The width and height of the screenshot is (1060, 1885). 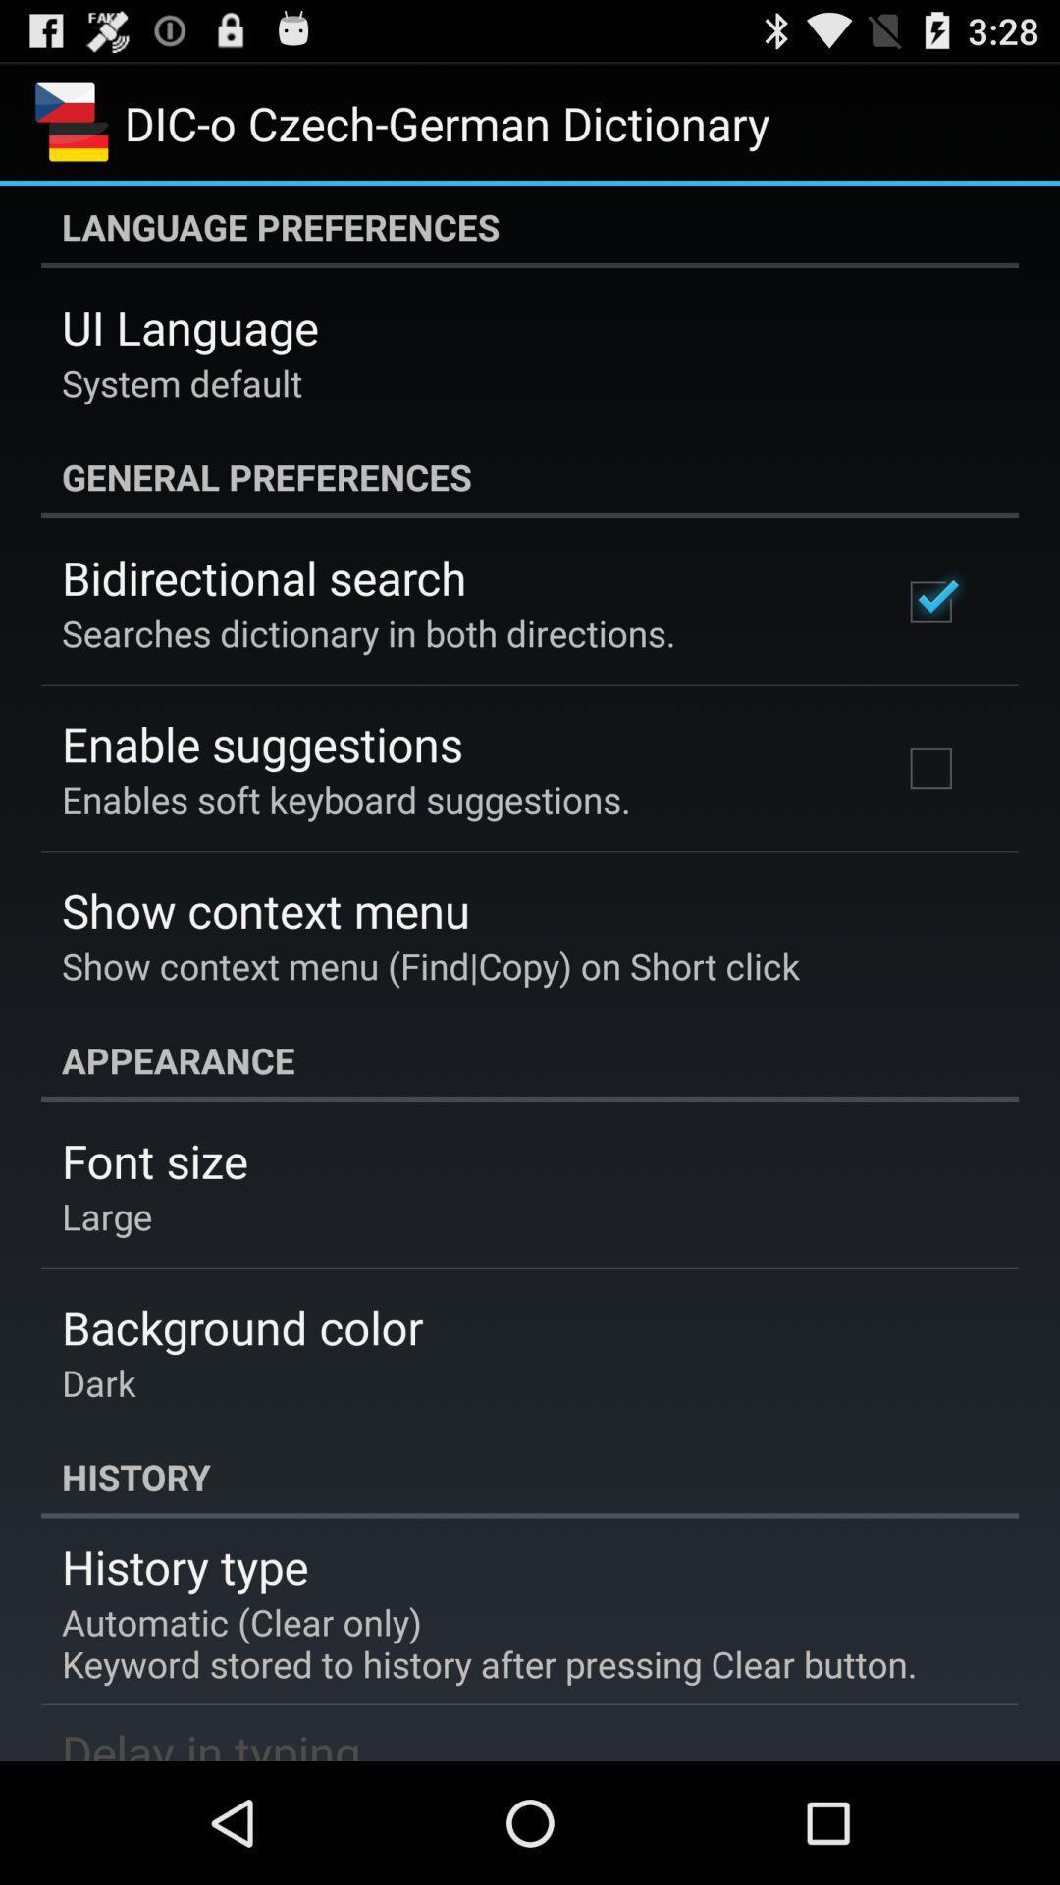 I want to click on the icon above enables soft keyboard, so click(x=261, y=742).